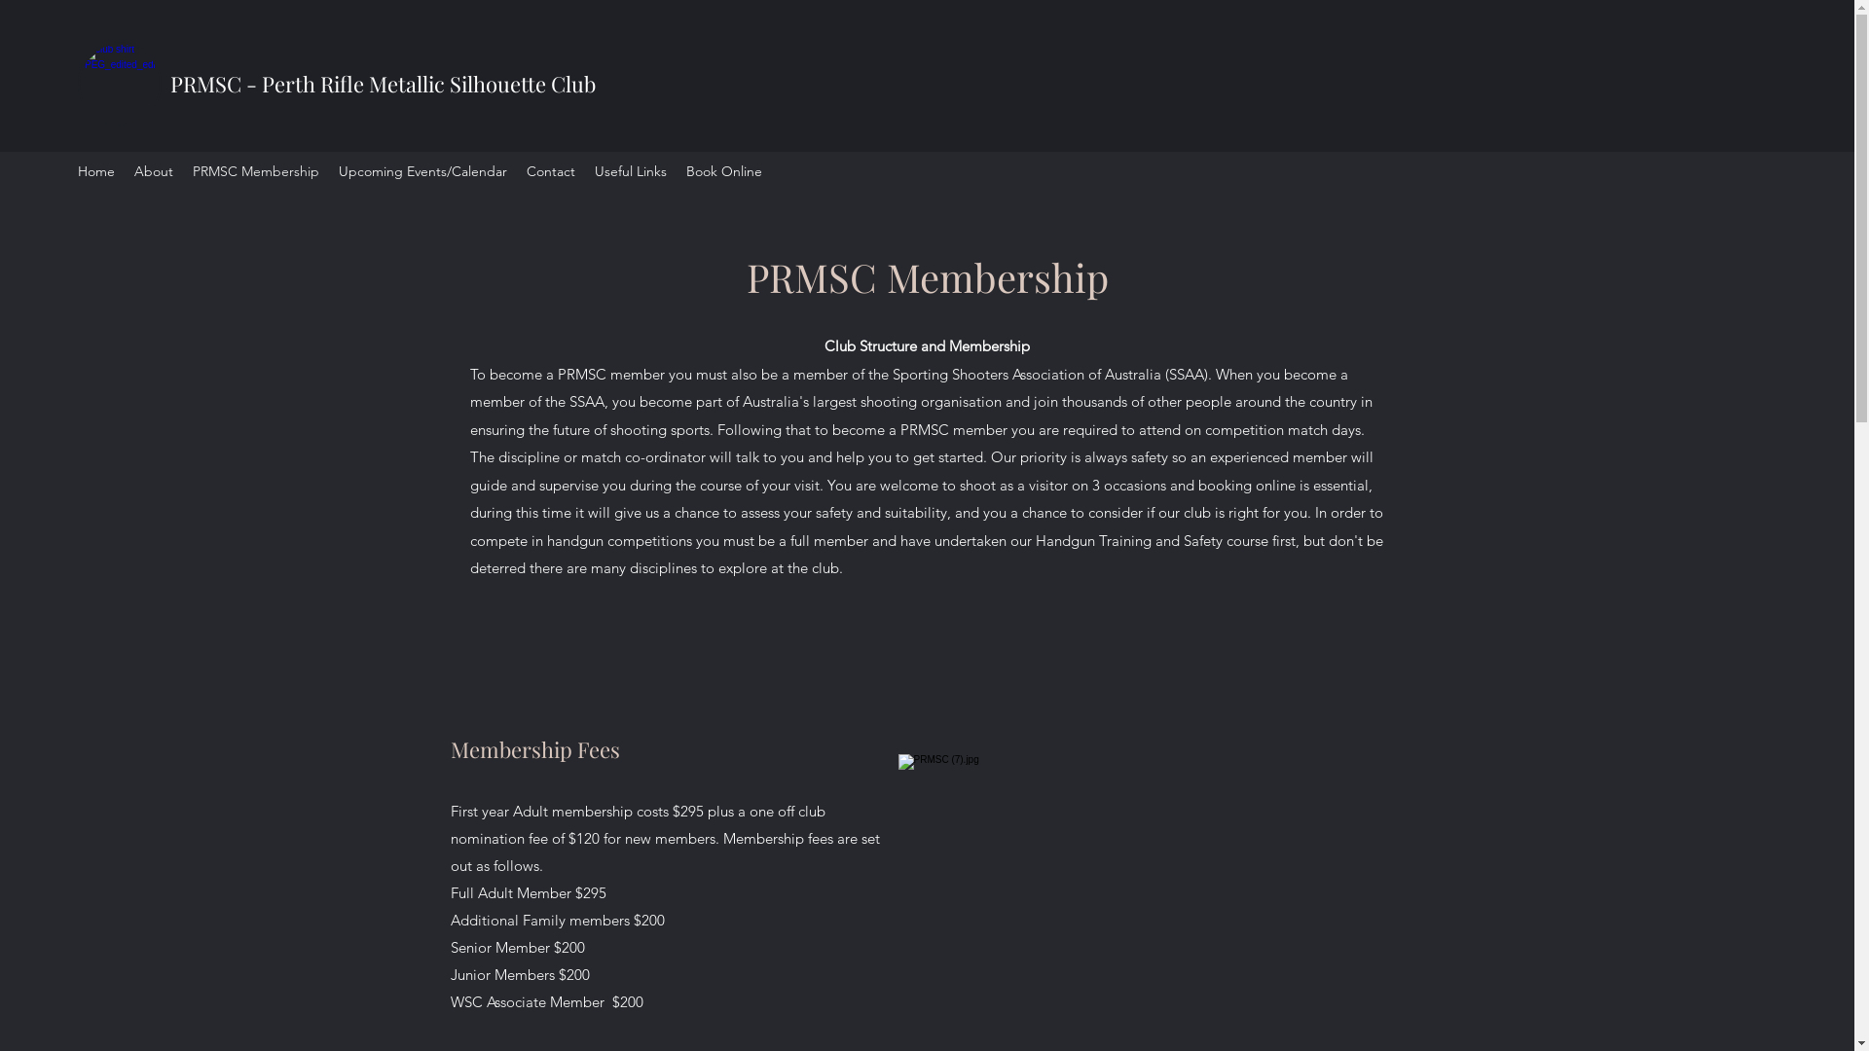  Describe the element at coordinates (550, 170) in the screenshot. I see `'Contact'` at that location.